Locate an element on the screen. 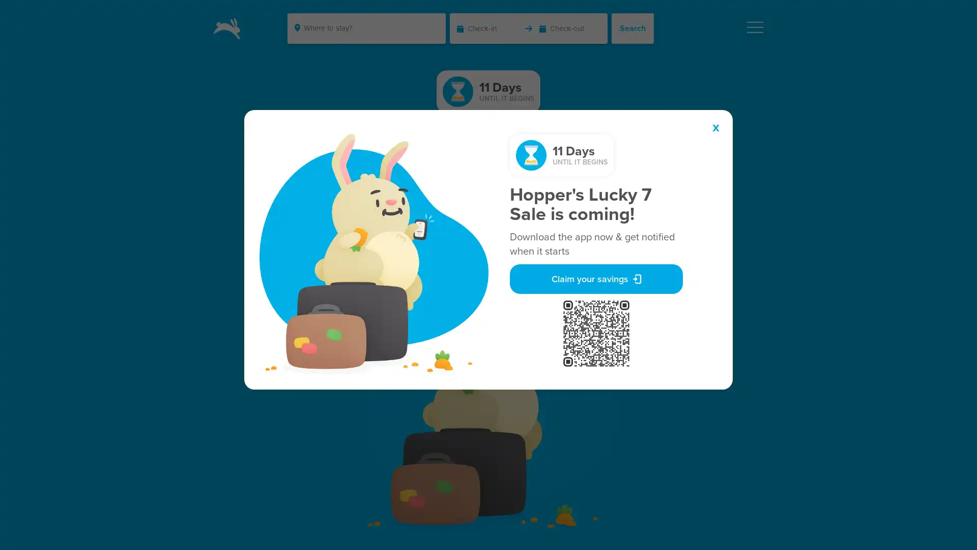 Image resolution: width=977 pixels, height=550 pixels. X is located at coordinates (715, 127).